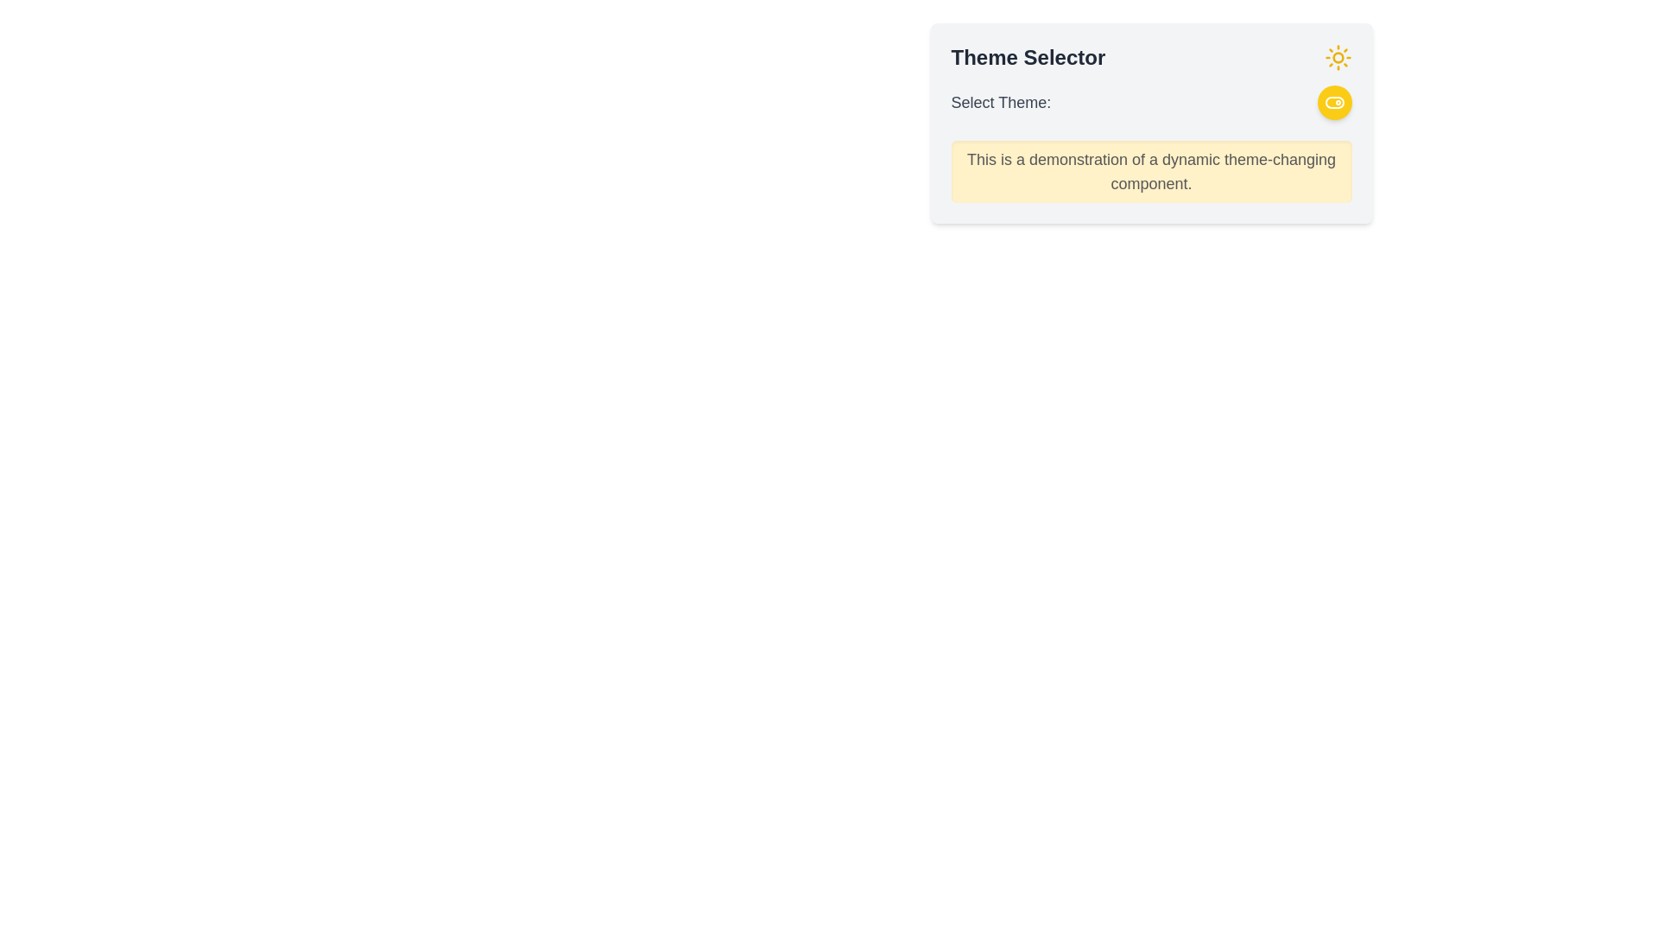 This screenshot has height=933, width=1658. What do you see at coordinates (1001, 103) in the screenshot?
I see `text label that displays 'Select Theme:' located in the top-right quadrant of the interface` at bounding box center [1001, 103].